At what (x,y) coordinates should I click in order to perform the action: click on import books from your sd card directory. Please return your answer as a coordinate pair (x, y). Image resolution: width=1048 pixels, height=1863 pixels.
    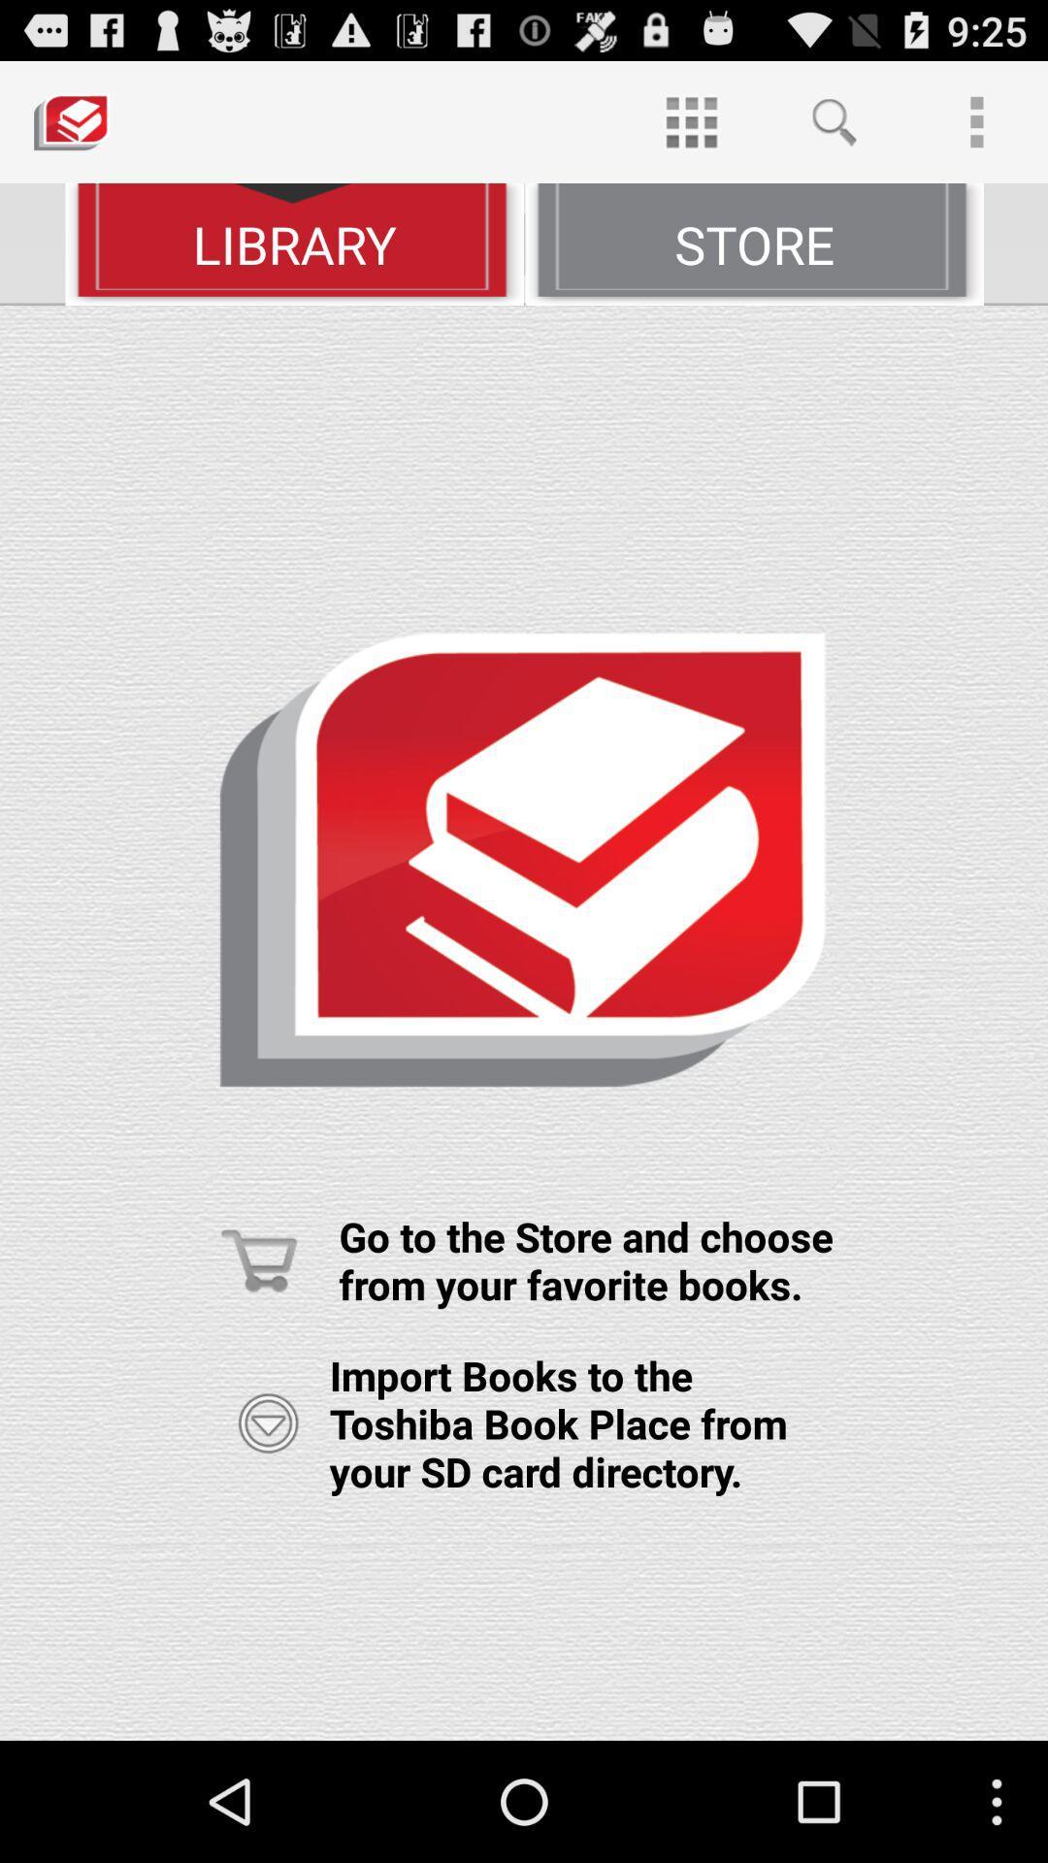
    Looking at the image, I should click on (268, 1423).